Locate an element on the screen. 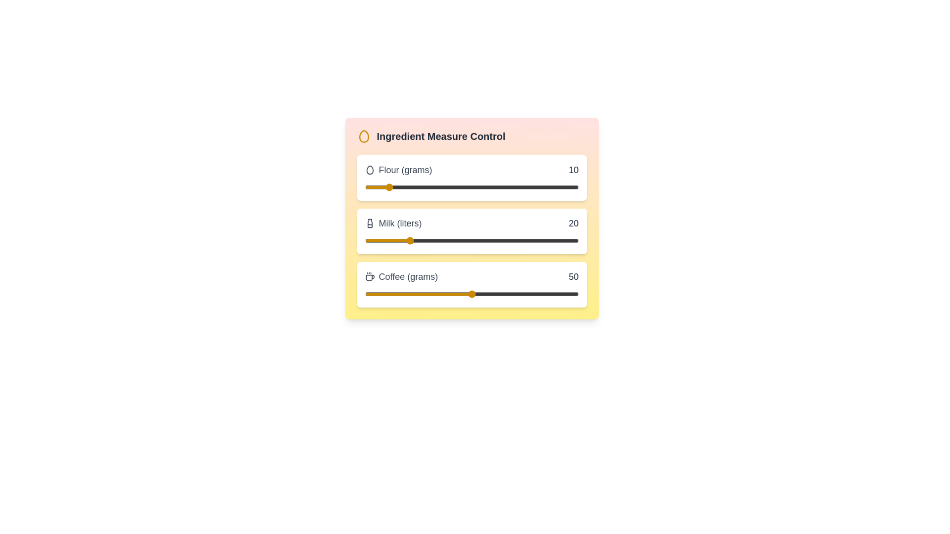 Image resolution: width=950 pixels, height=534 pixels. flour amount is located at coordinates (526, 187).